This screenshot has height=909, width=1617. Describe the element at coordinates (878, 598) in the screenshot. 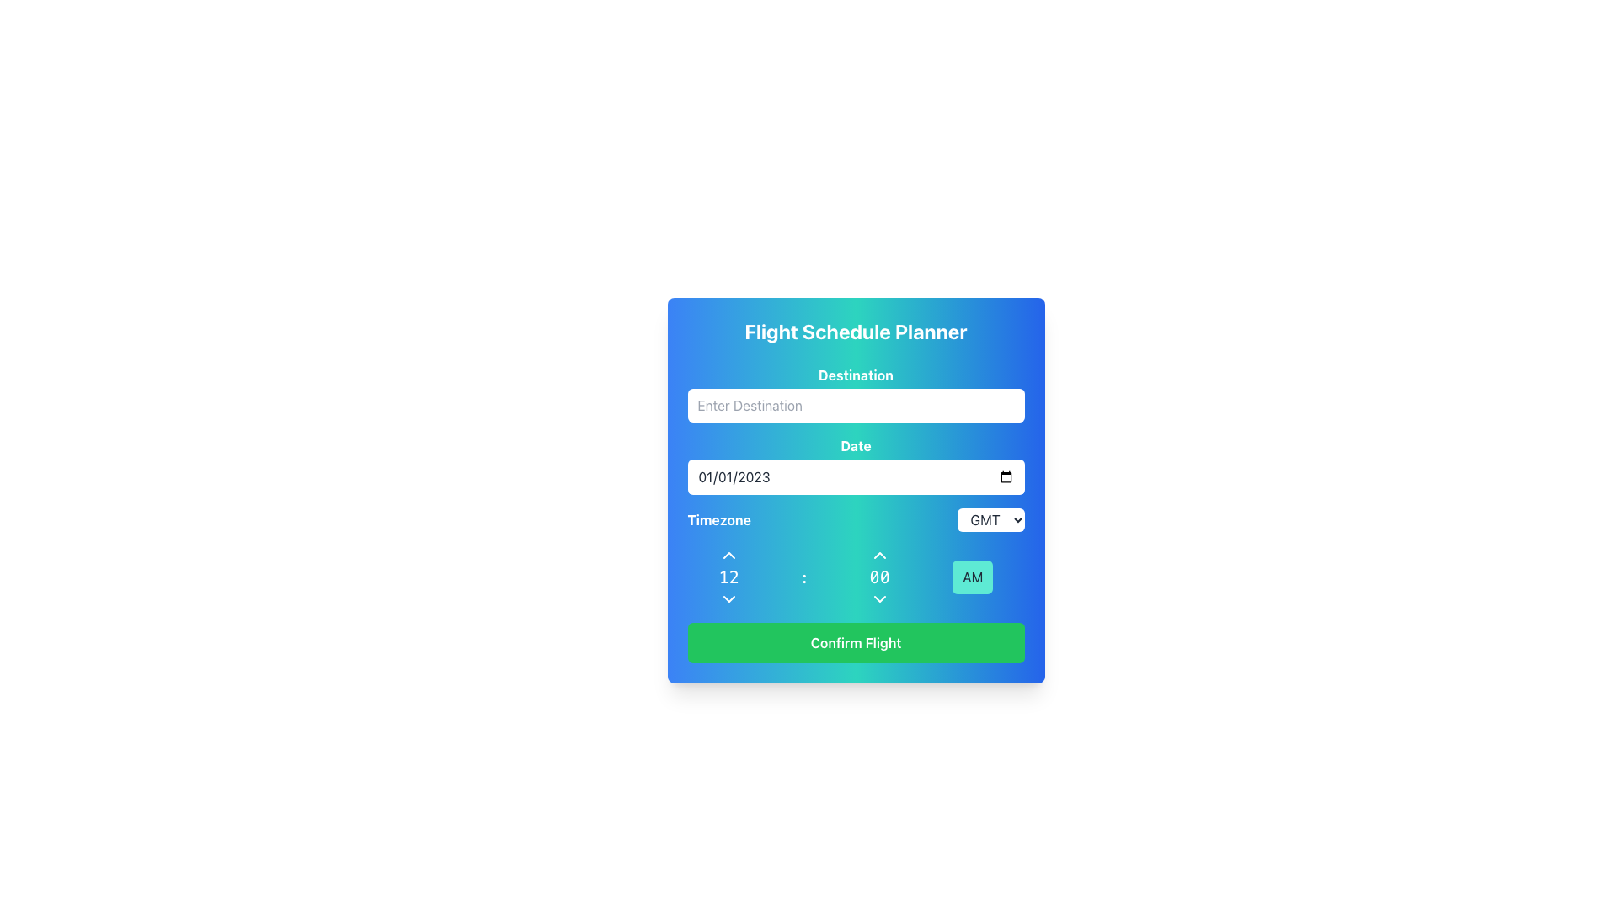

I see `the chevron icon button located at the bottom center of the minutes time selection widget` at that location.